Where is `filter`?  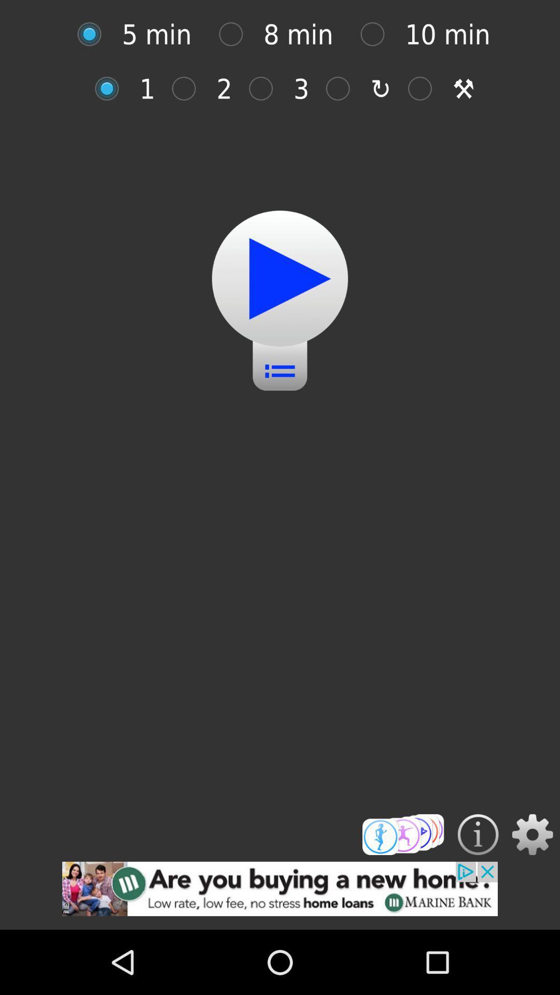
filter is located at coordinates (265, 89).